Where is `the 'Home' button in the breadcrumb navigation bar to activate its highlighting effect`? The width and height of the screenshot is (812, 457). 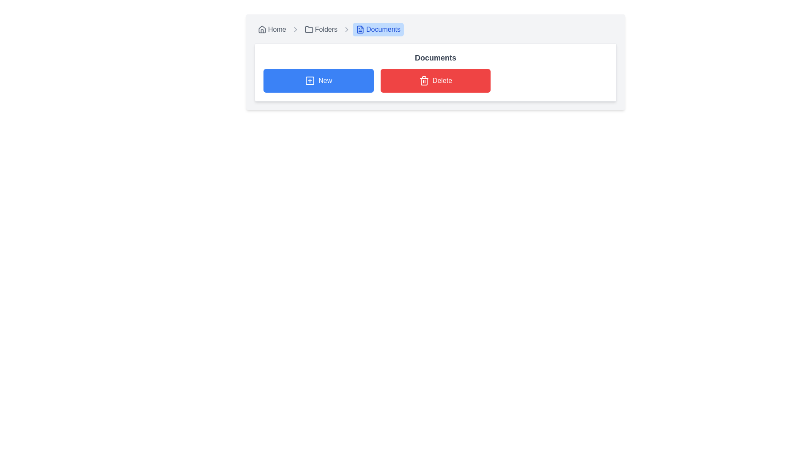 the 'Home' button in the breadcrumb navigation bar to activate its highlighting effect is located at coordinates (272, 29).